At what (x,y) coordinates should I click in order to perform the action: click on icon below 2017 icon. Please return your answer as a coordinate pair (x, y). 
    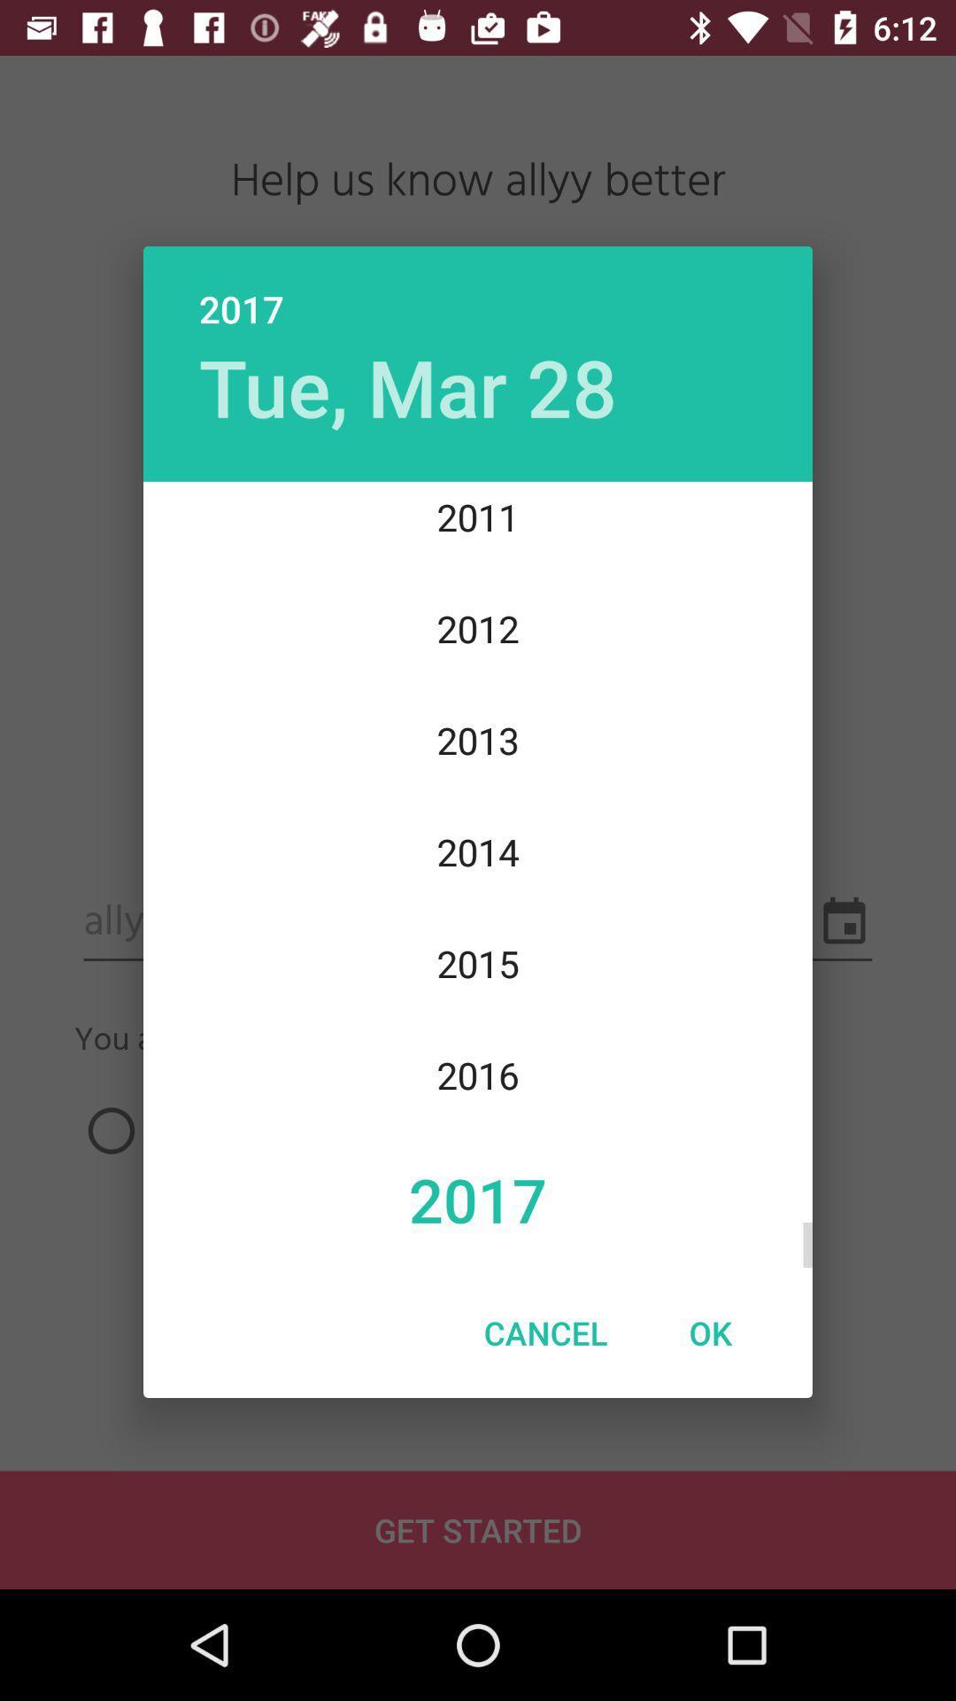
    Looking at the image, I should click on (408, 385).